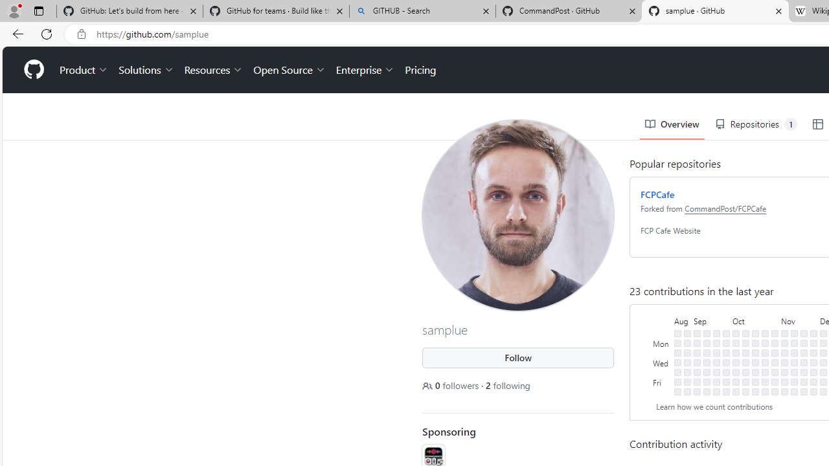 The width and height of the screenshot is (829, 466). Describe the element at coordinates (803, 391) in the screenshot. I see `'No contributions on November 25th.'` at that location.